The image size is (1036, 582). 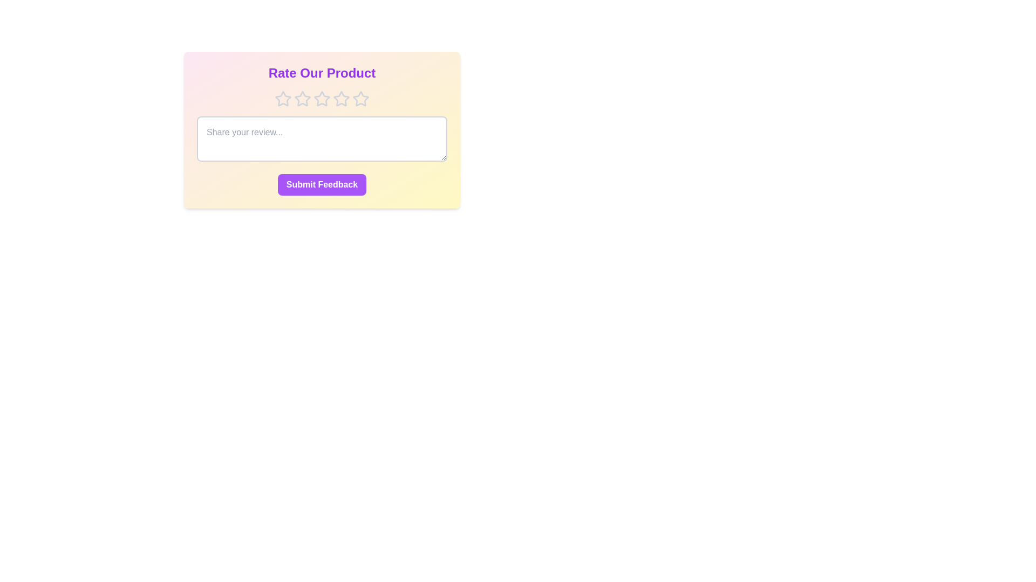 What do you see at coordinates (321, 184) in the screenshot?
I see `the Submit Feedback button to submit the feedback` at bounding box center [321, 184].